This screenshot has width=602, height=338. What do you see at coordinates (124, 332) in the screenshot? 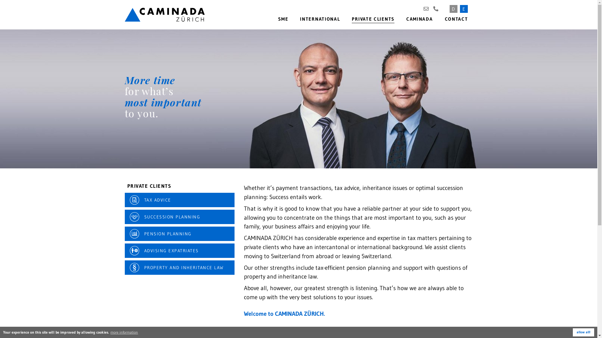
I see `'more information'` at bounding box center [124, 332].